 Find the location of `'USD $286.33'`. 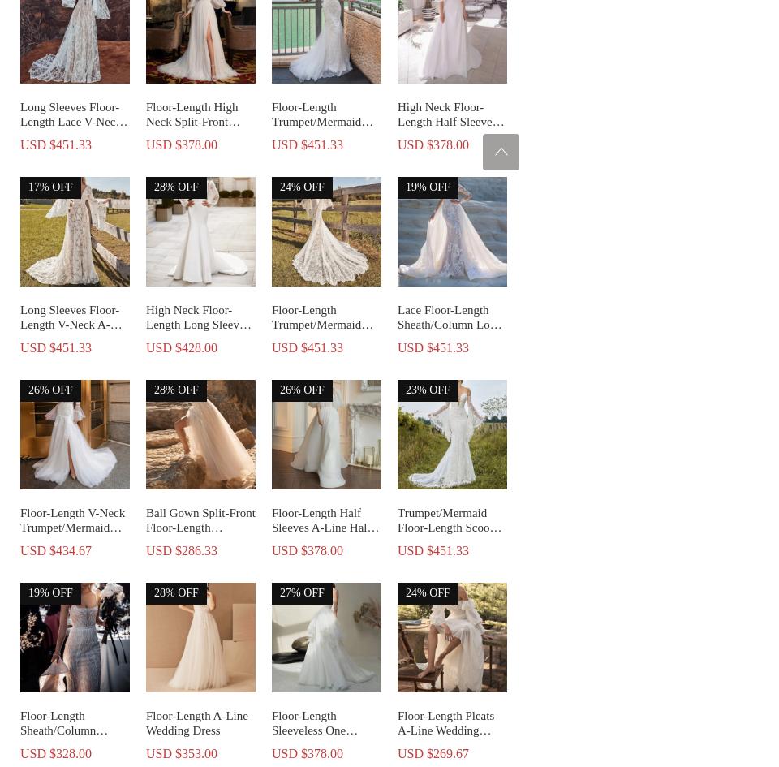

'USD $286.33' is located at coordinates (181, 549).